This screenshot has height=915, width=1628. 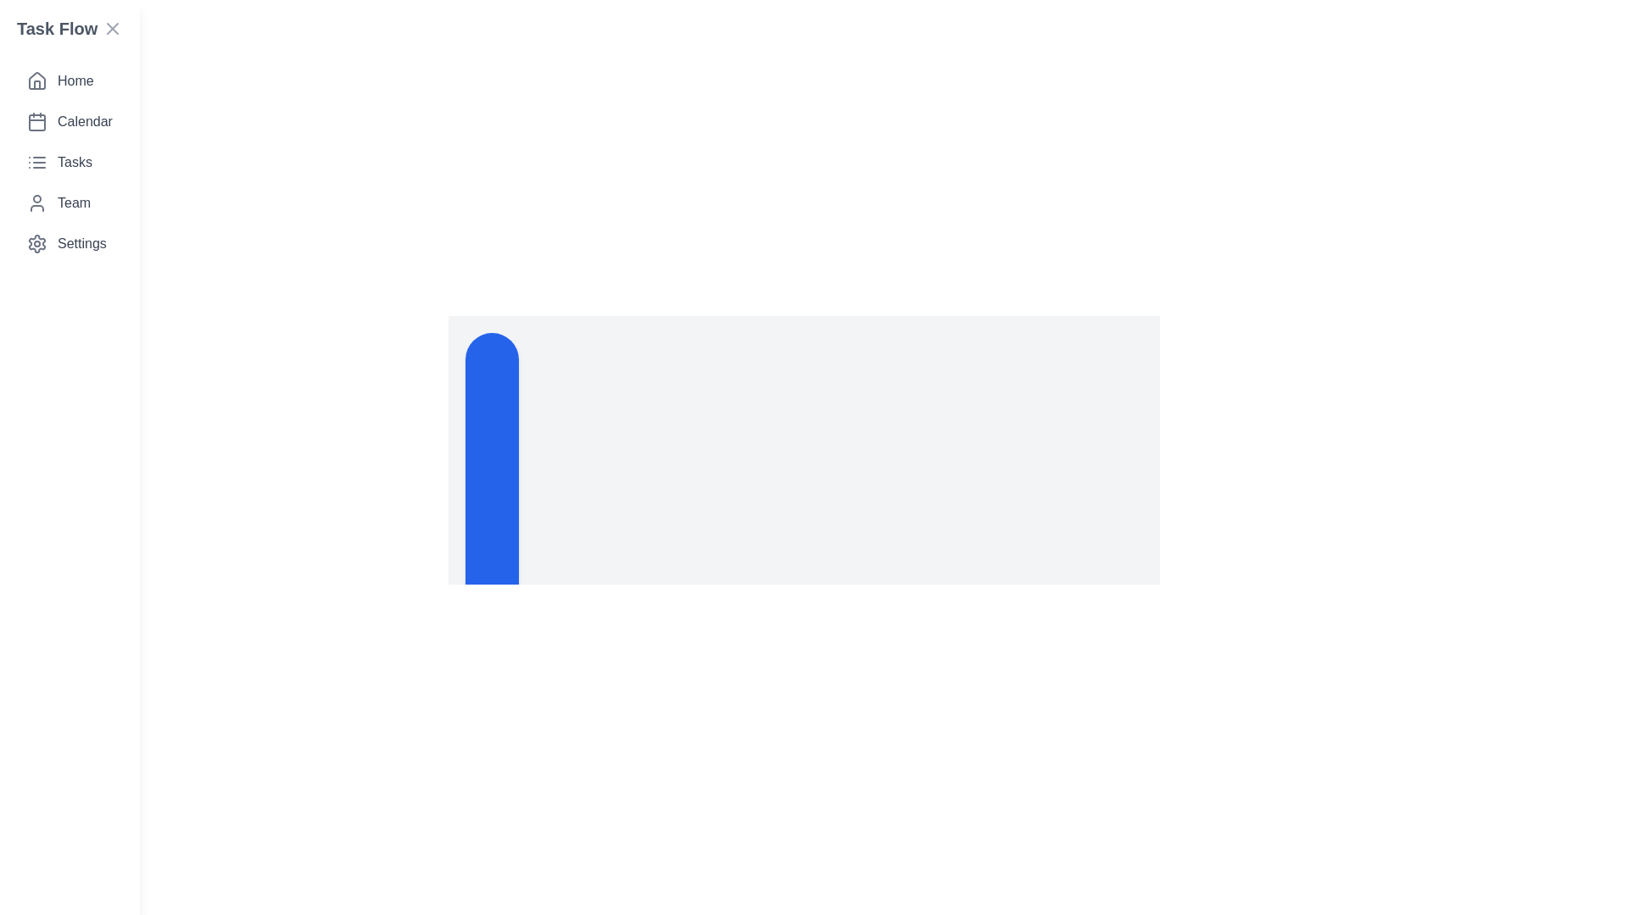 I want to click on the menu item corresponding to Settings to navigate to that section, so click(x=68, y=244).